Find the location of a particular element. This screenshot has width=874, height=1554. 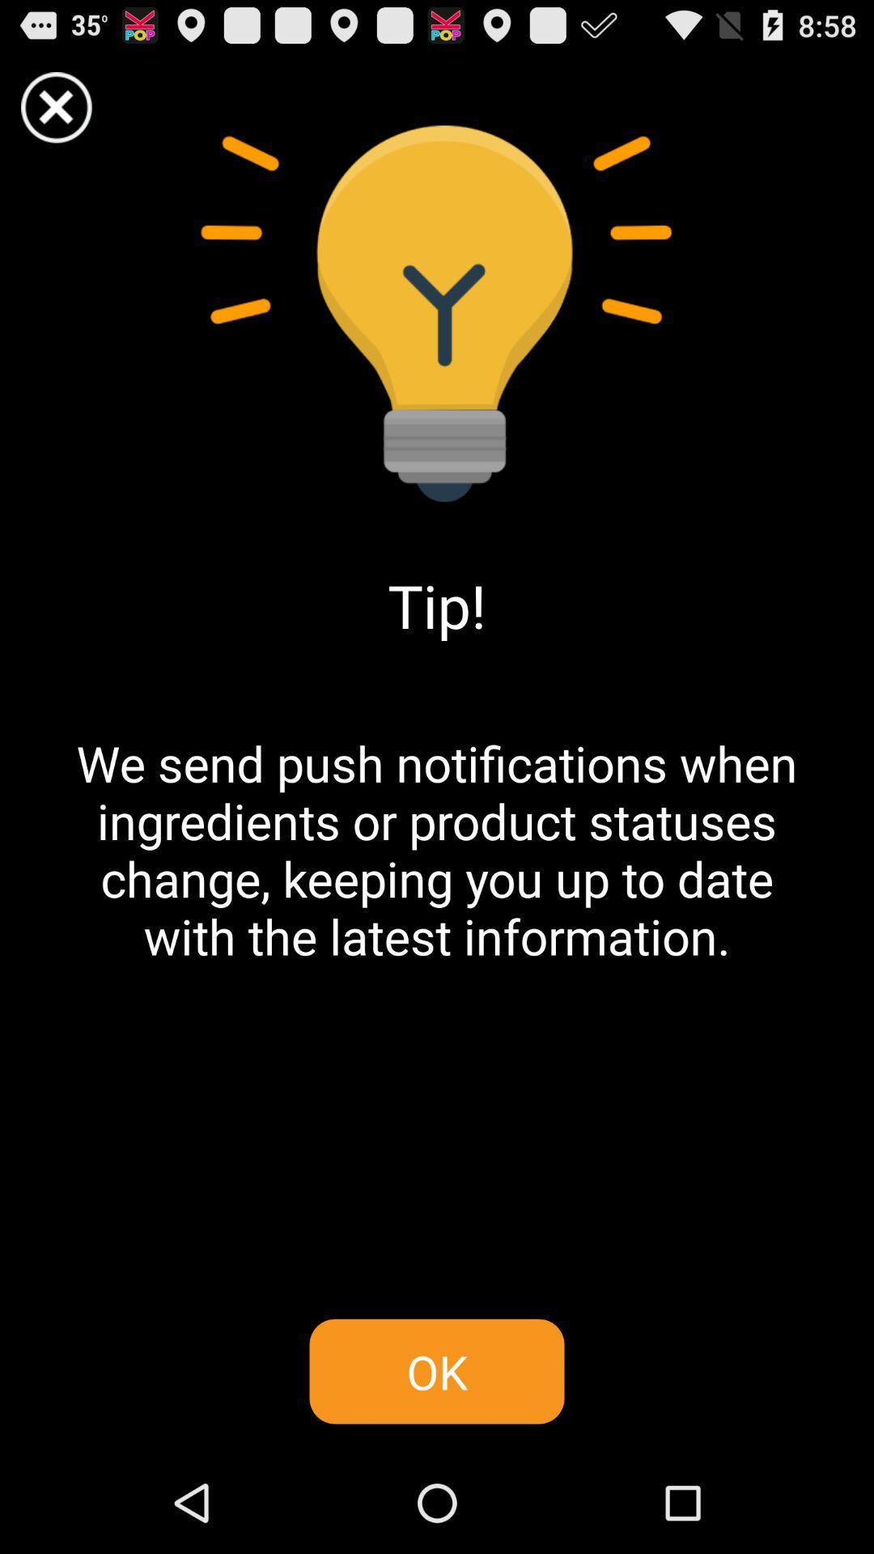

the close icon is located at coordinates (437, 1405).